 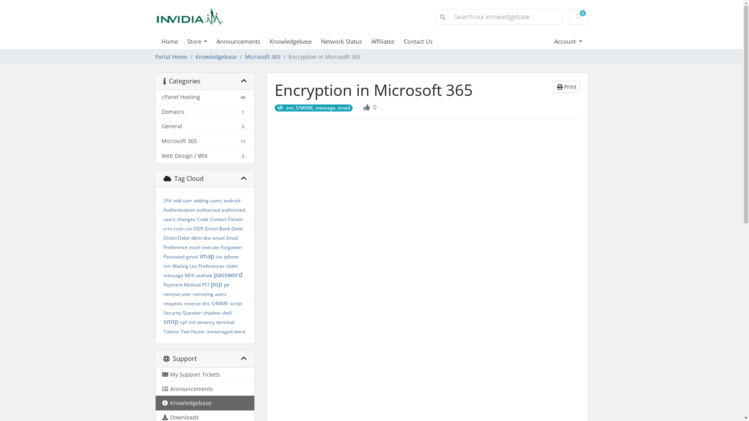 What do you see at coordinates (170, 331) in the screenshot?
I see `'Tokens'` at bounding box center [170, 331].